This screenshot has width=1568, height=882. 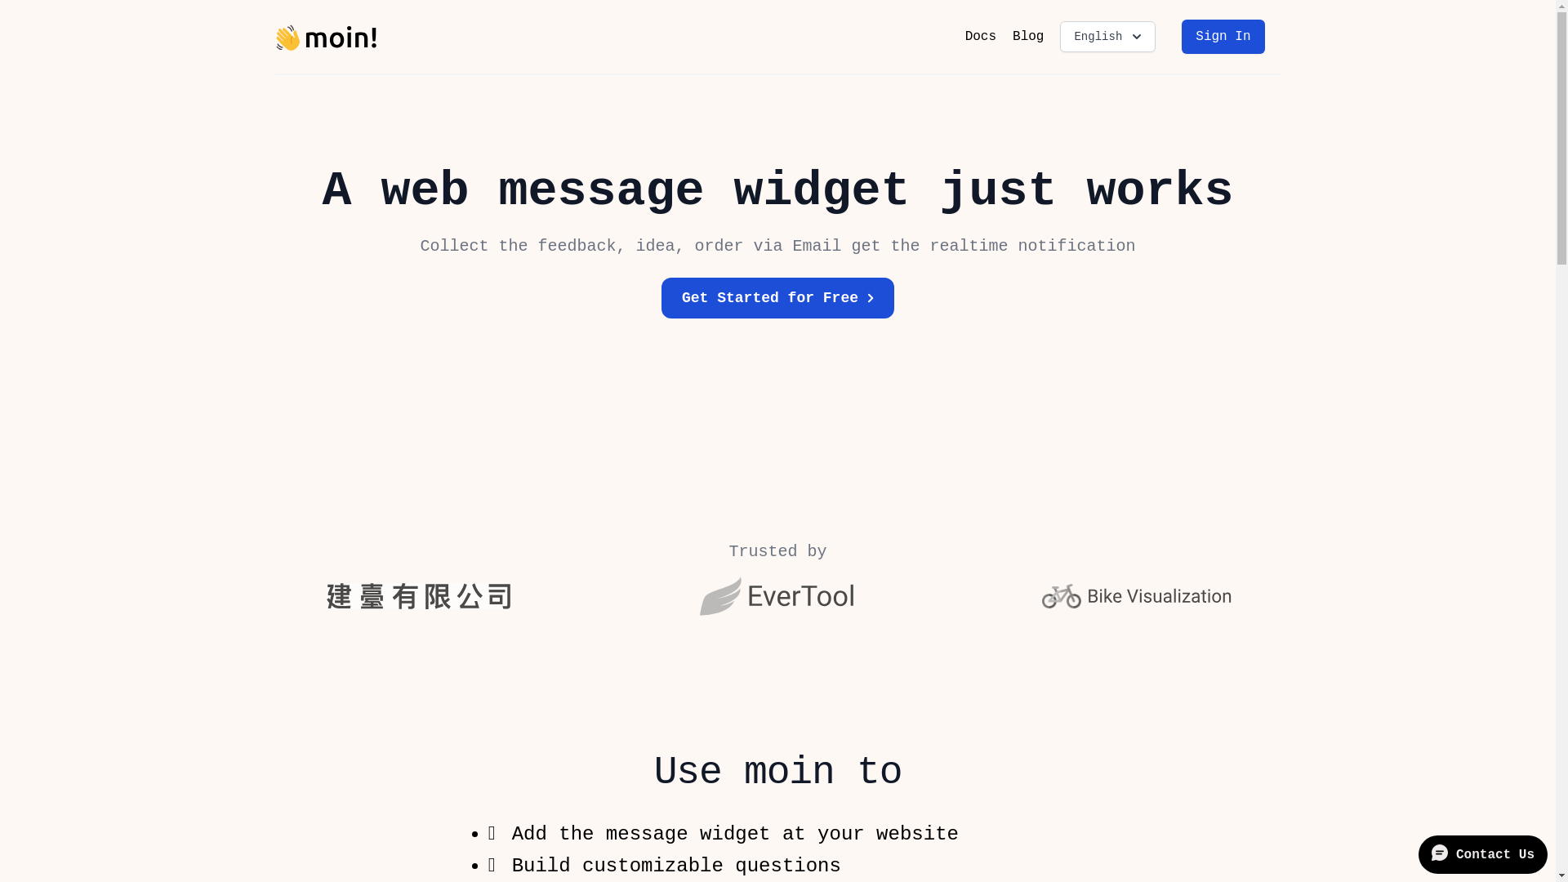 I want to click on 'Sign In', so click(x=1223, y=37).